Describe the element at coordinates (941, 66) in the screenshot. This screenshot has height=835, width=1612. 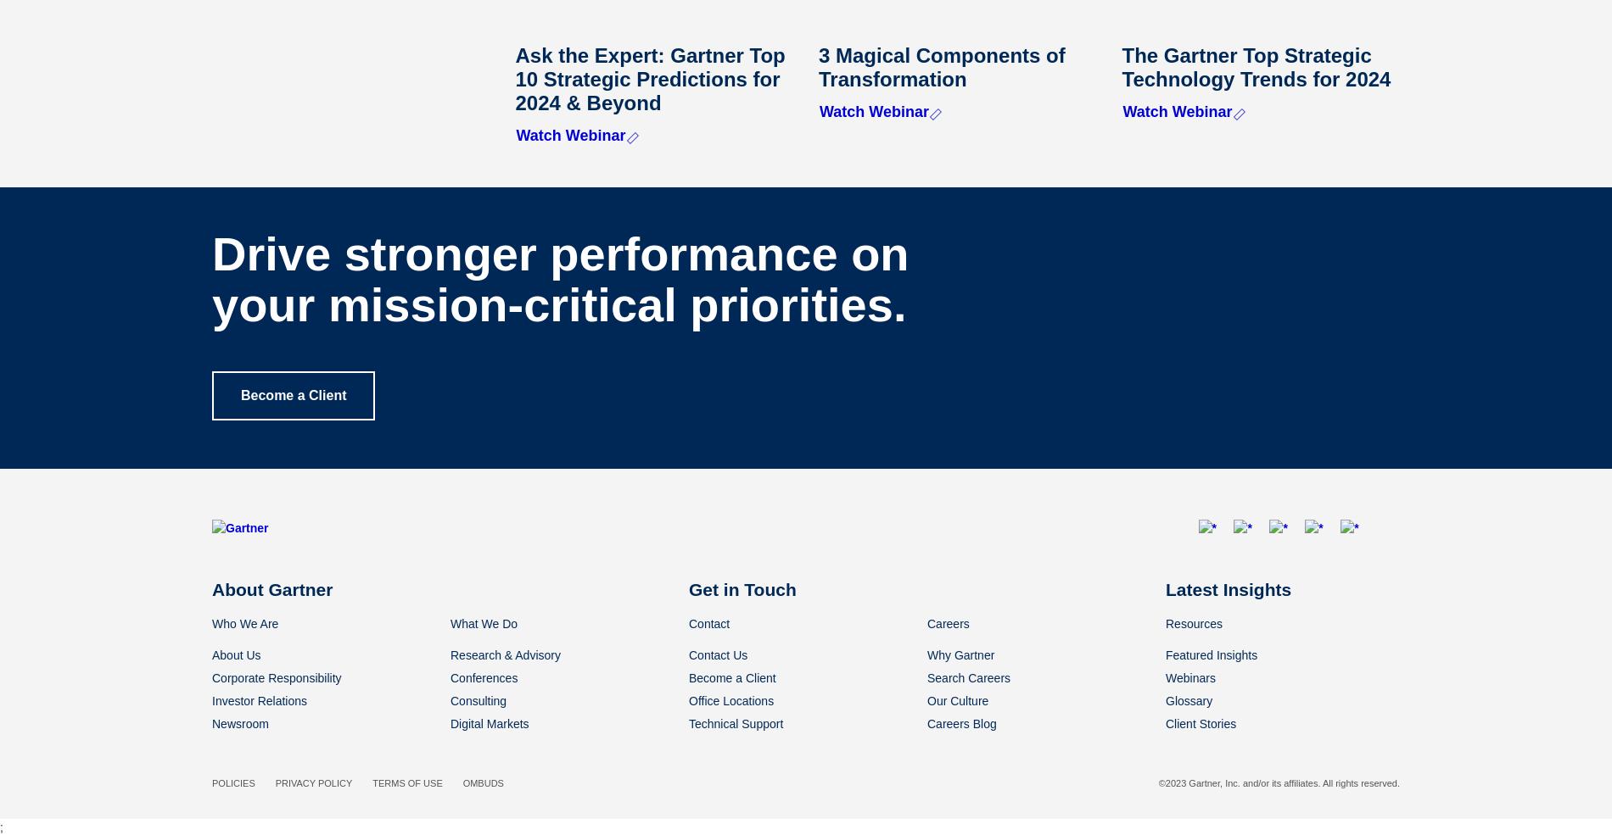
I see `'3 Magical Components of Transformation'` at that location.